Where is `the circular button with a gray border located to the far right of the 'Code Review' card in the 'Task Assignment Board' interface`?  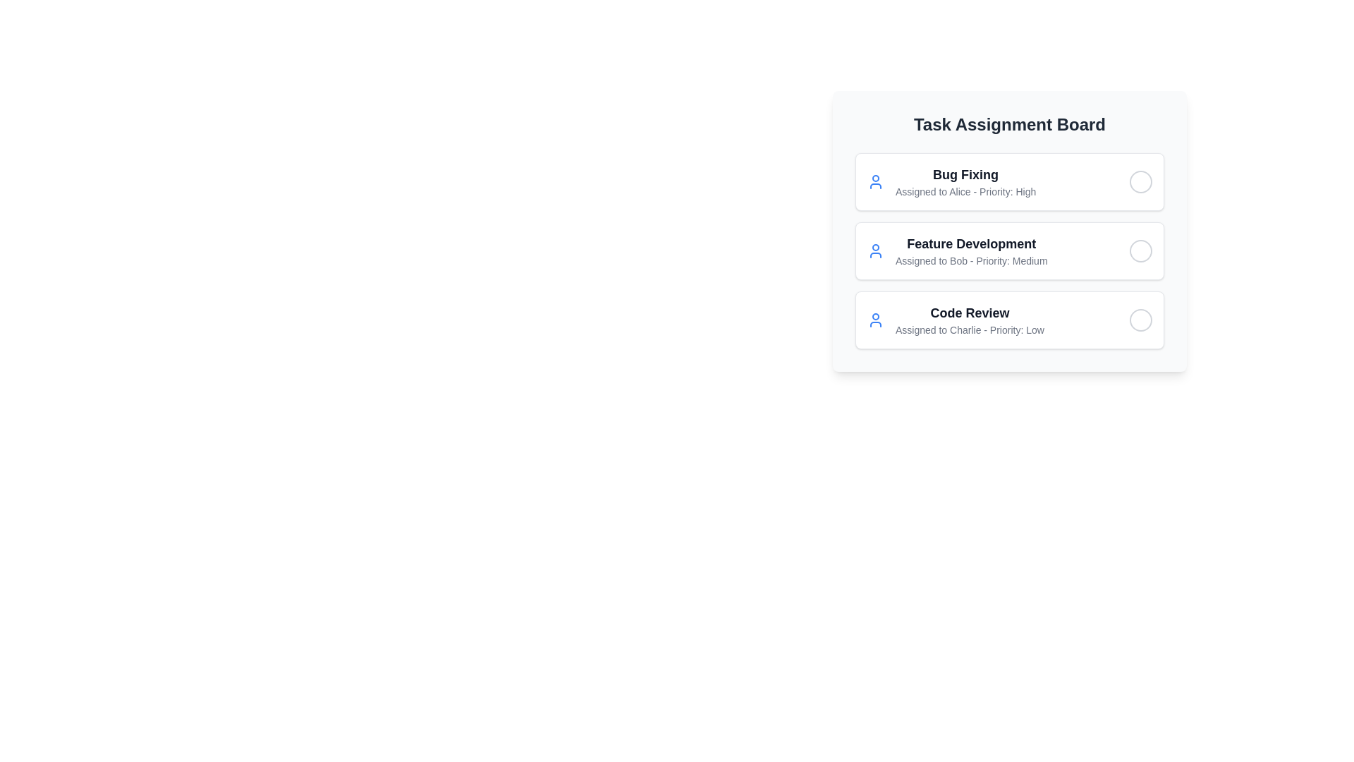
the circular button with a gray border located to the far right of the 'Code Review' card in the 'Task Assignment Board' interface is located at coordinates (1140, 320).